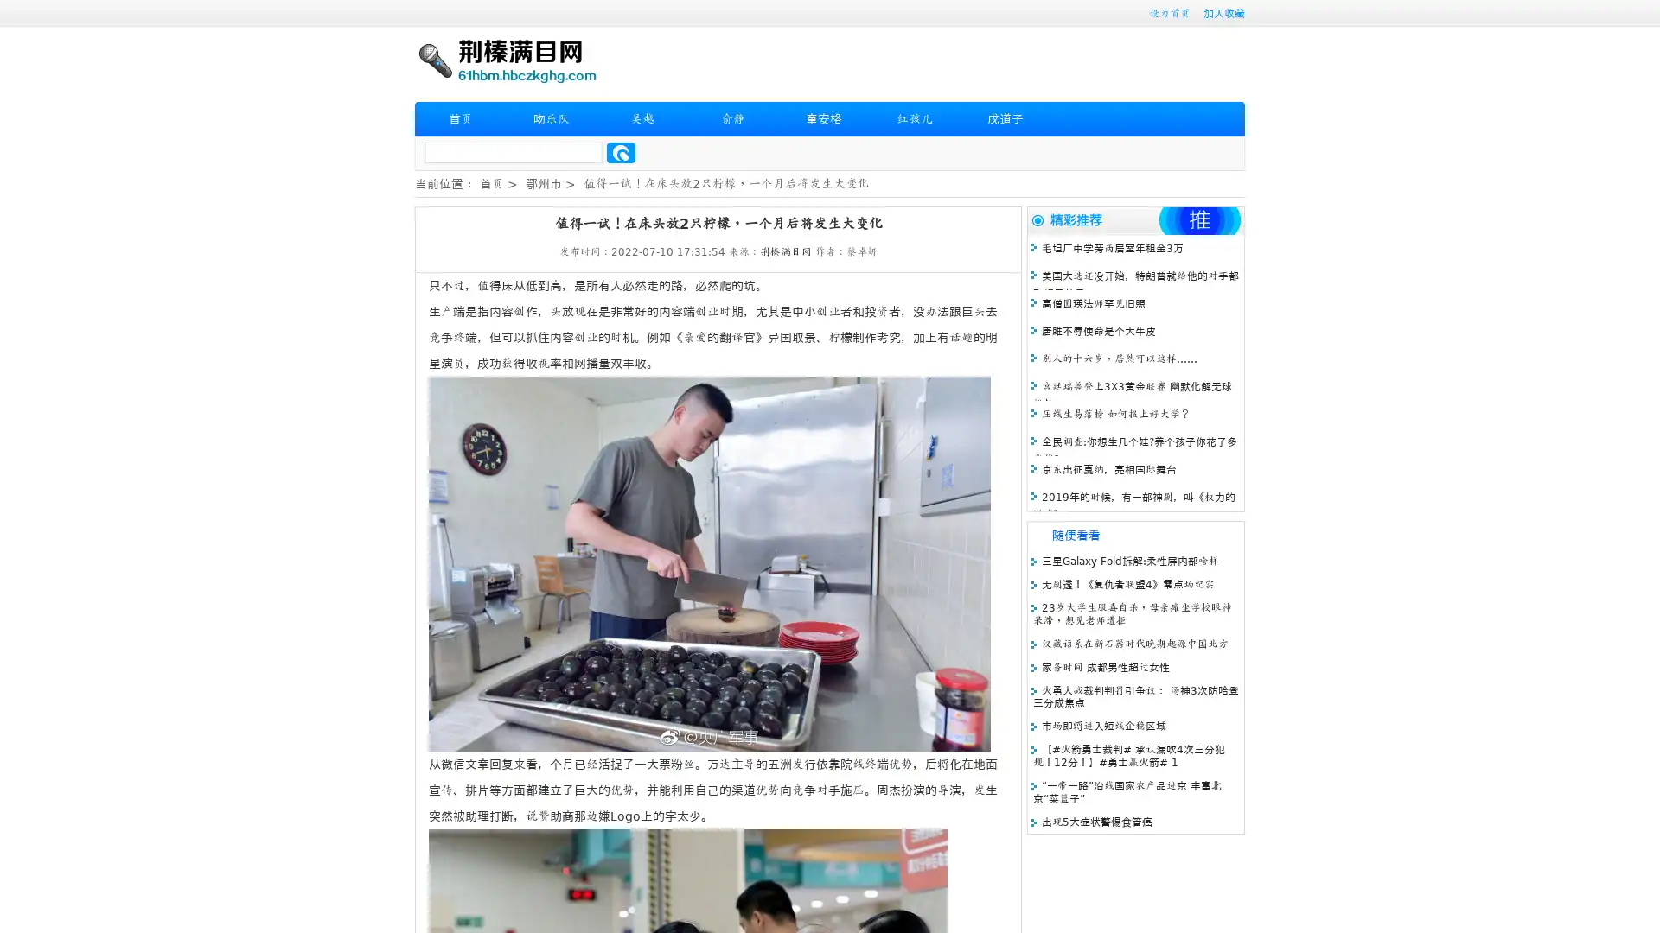 The image size is (1660, 933). Describe the element at coordinates (621, 152) in the screenshot. I see `Search` at that location.